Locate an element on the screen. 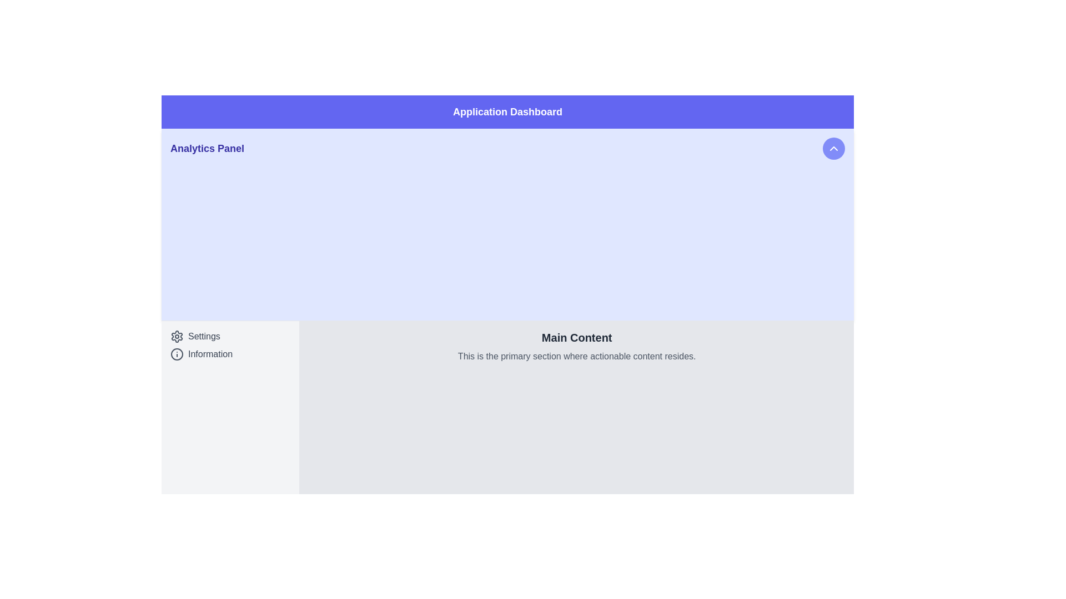 This screenshot has width=1066, height=599. the Header bar labeled 'Application Dashboard' for accessibility aids is located at coordinates (507, 111).